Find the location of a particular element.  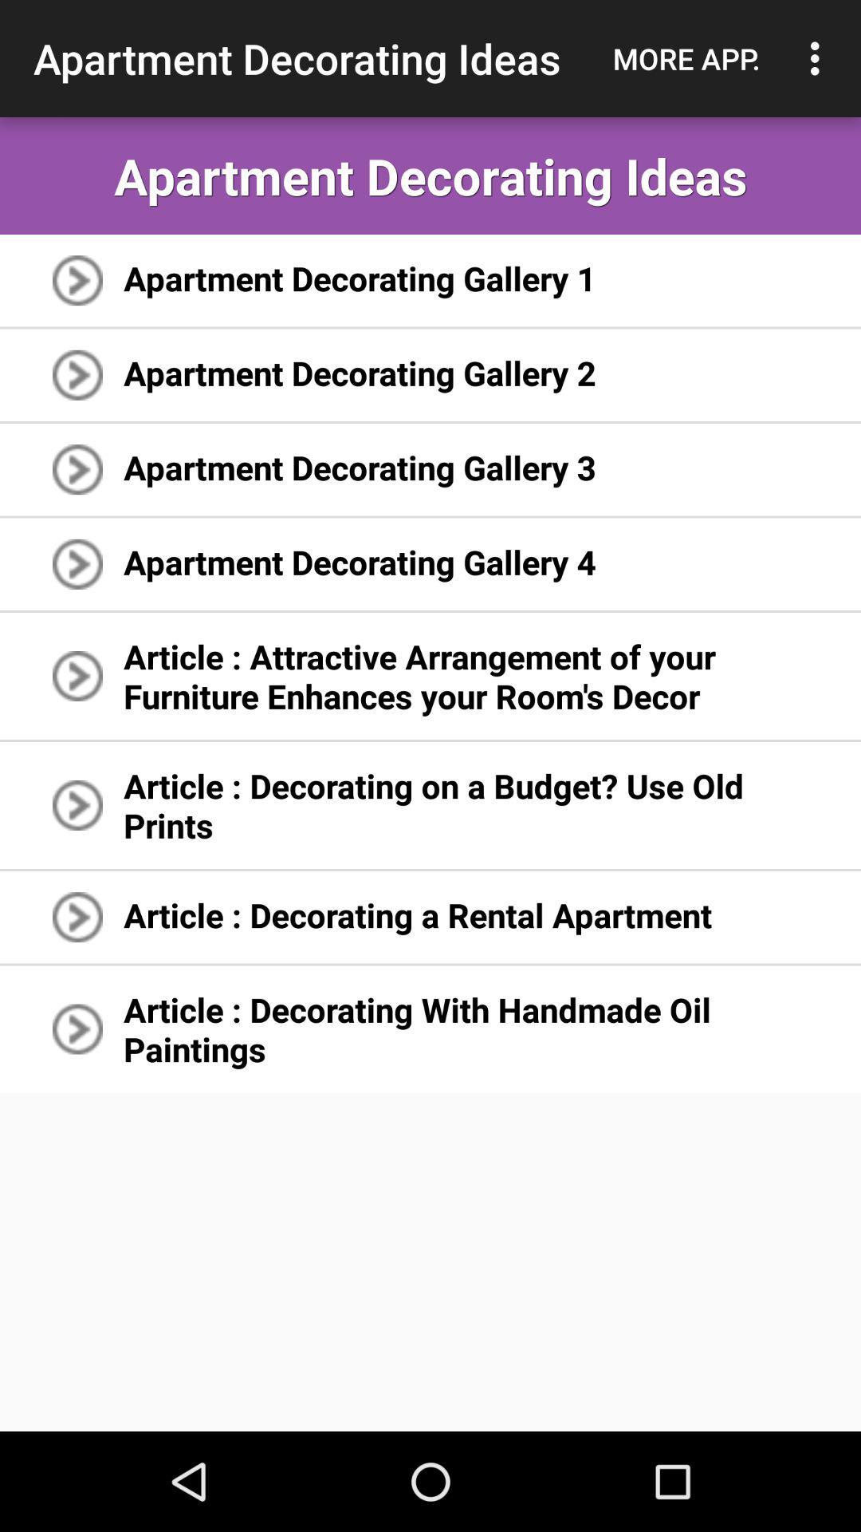

the icon to the right of the apartment decorating ideas icon is located at coordinates (686, 58).